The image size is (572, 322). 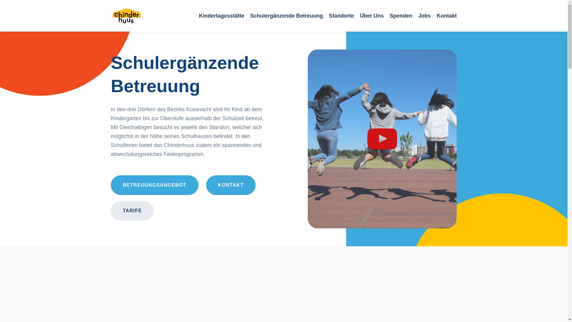 What do you see at coordinates (341, 16) in the screenshot?
I see `'Standorte'` at bounding box center [341, 16].